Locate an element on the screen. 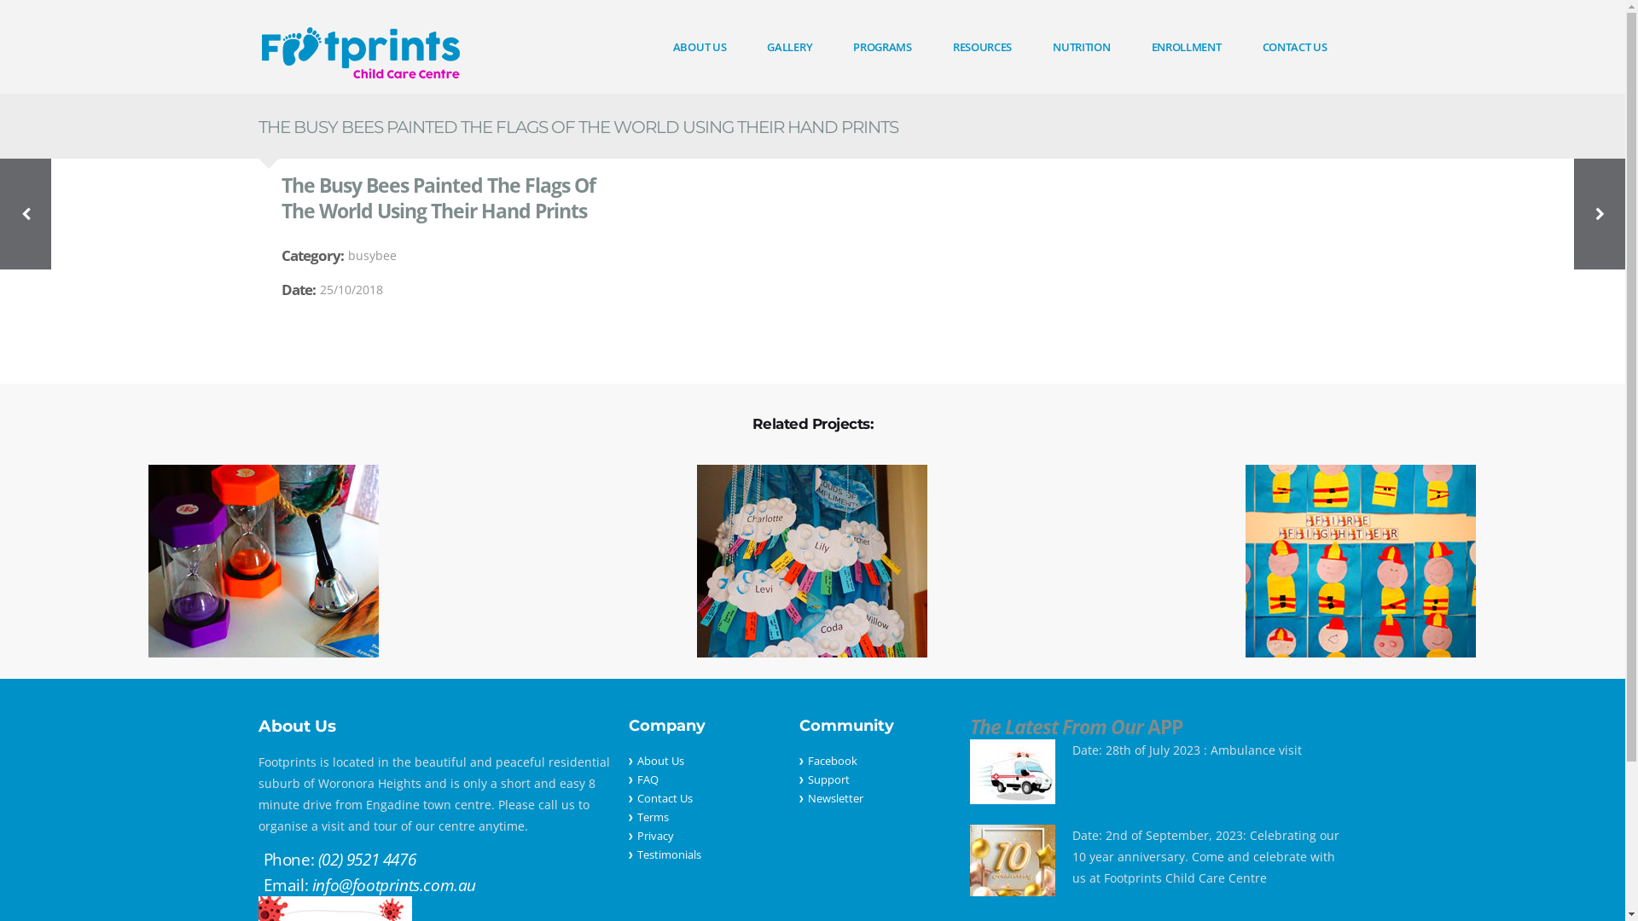 This screenshot has width=1638, height=921. 'Testimonials' is located at coordinates (667, 854).